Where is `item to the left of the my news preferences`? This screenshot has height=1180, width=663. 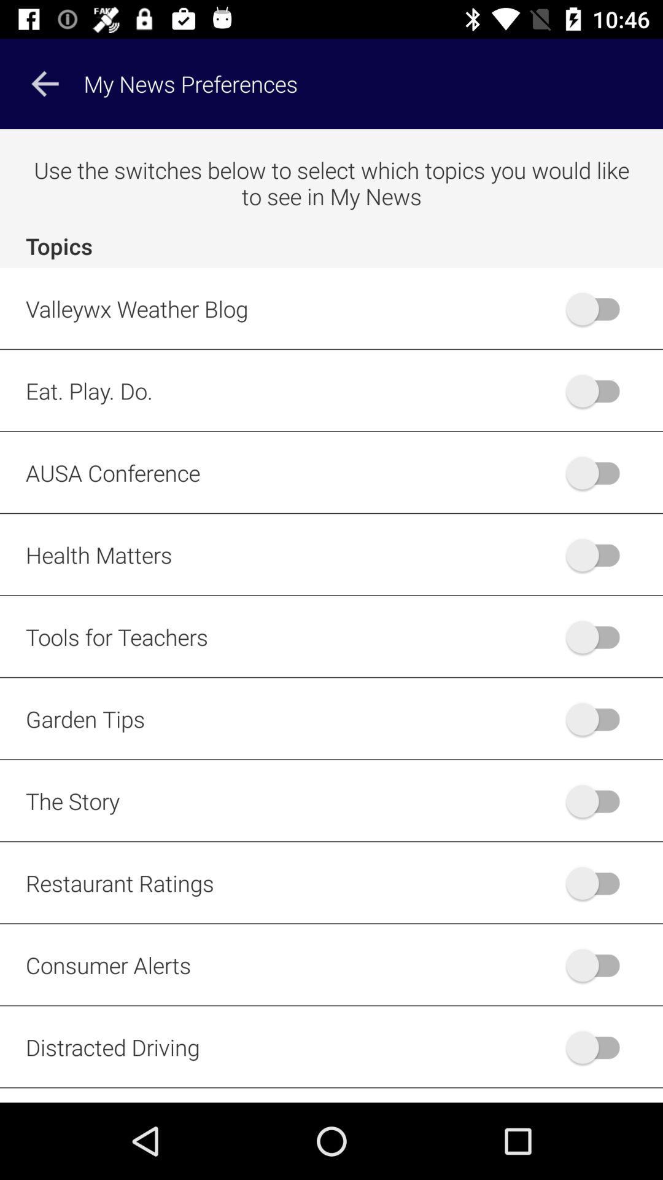
item to the left of the my news preferences is located at coordinates (44, 83).